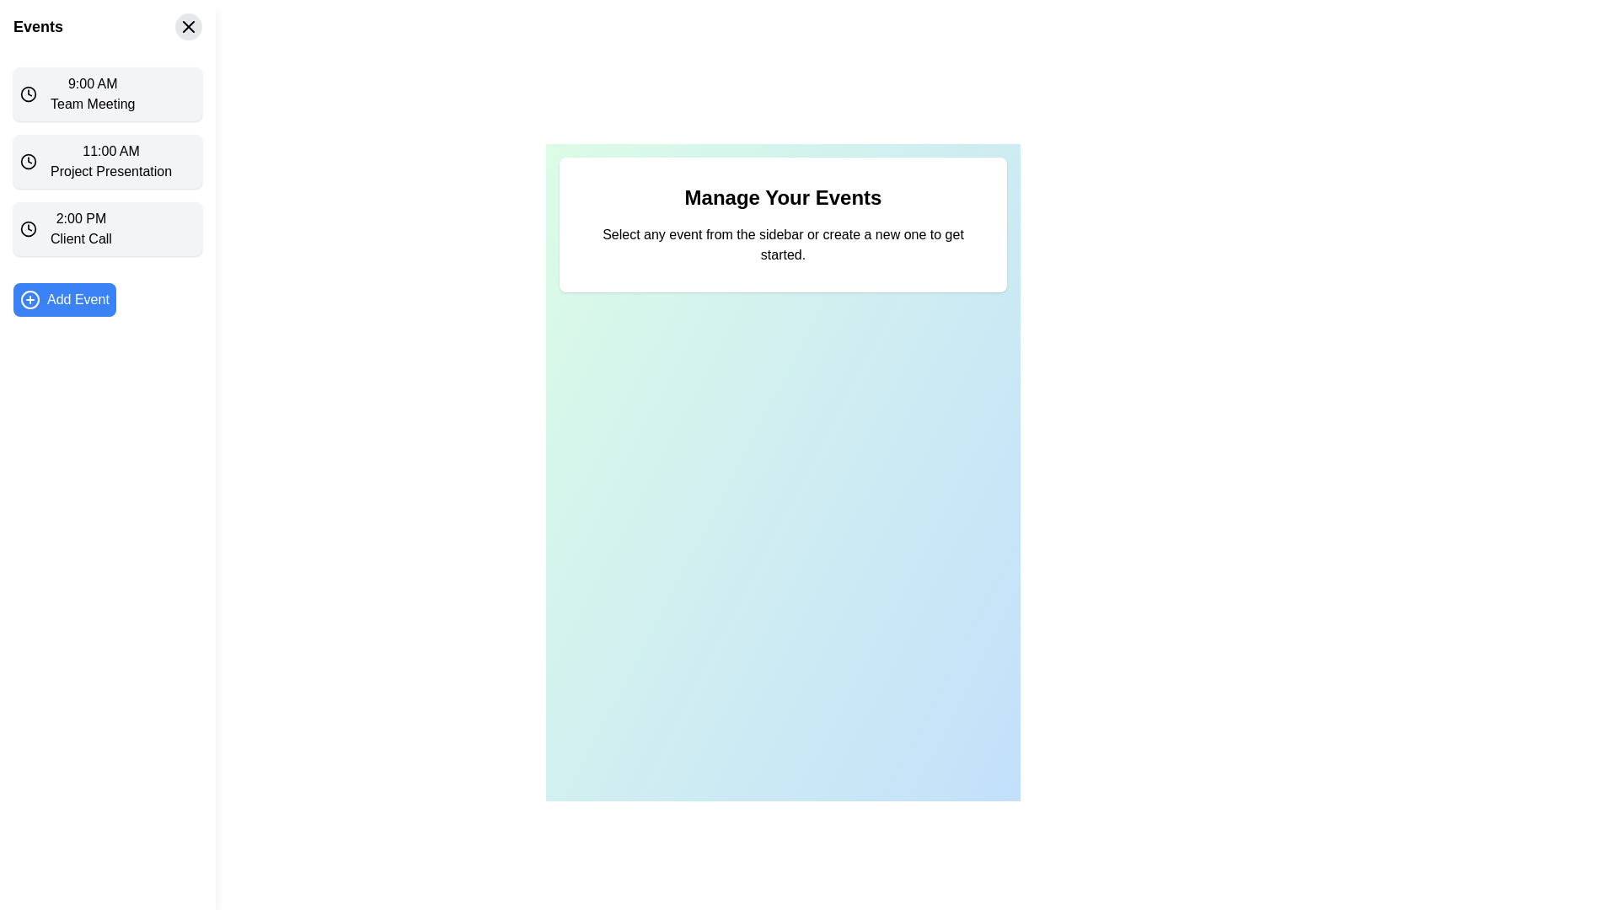 The width and height of the screenshot is (1618, 910). I want to click on the clock icon located at the far left of the first event entry in the sidebar, which shows '9:00 AM' and 'Team Meeting', so click(28, 94).